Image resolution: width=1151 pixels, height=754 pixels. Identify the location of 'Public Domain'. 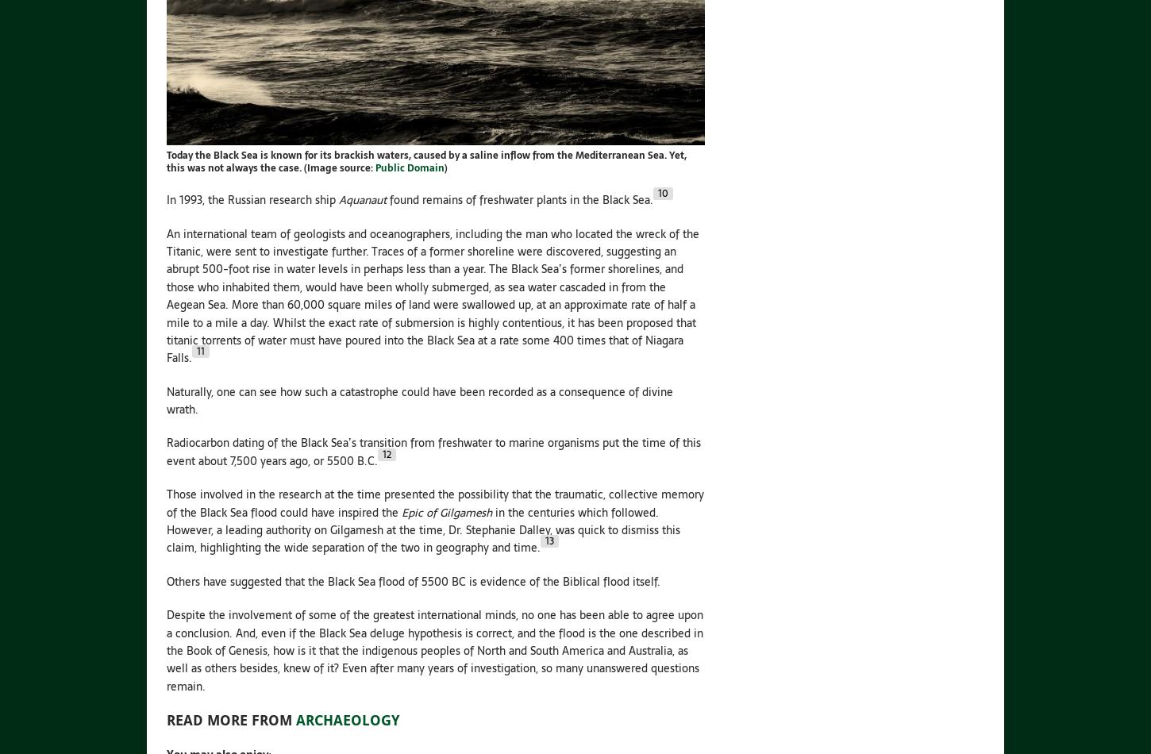
(410, 168).